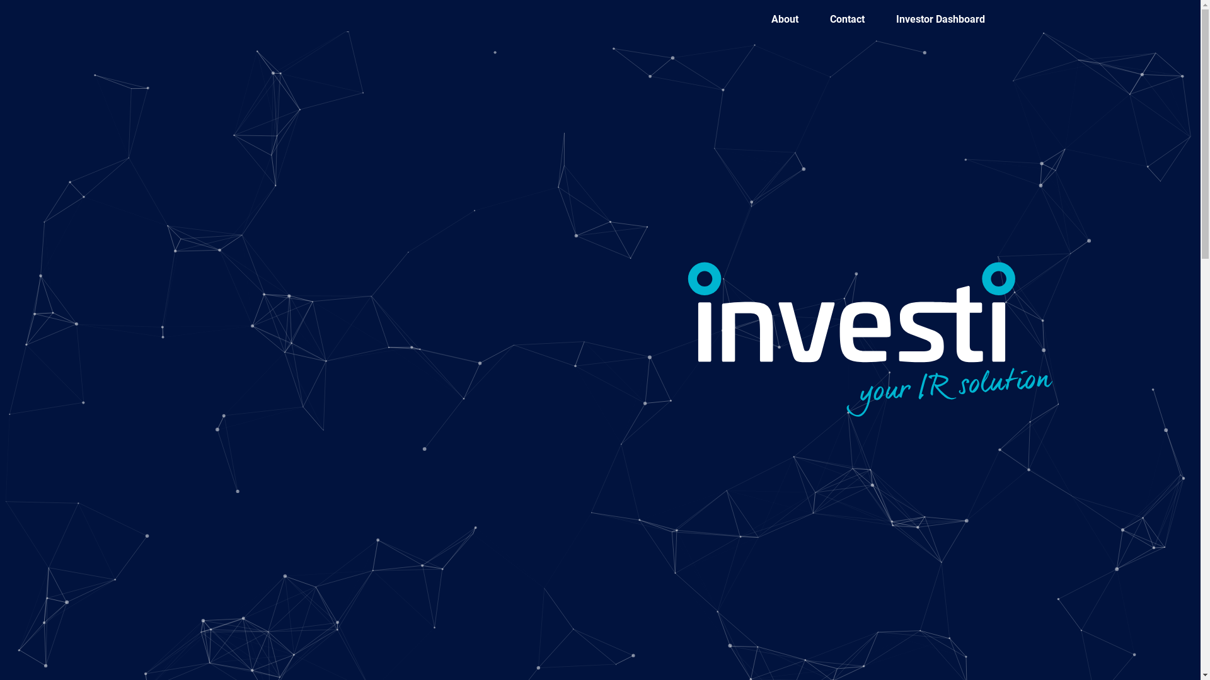 This screenshot has height=680, width=1210. Describe the element at coordinates (940, 19) in the screenshot. I see `'Investor Dashboard'` at that location.